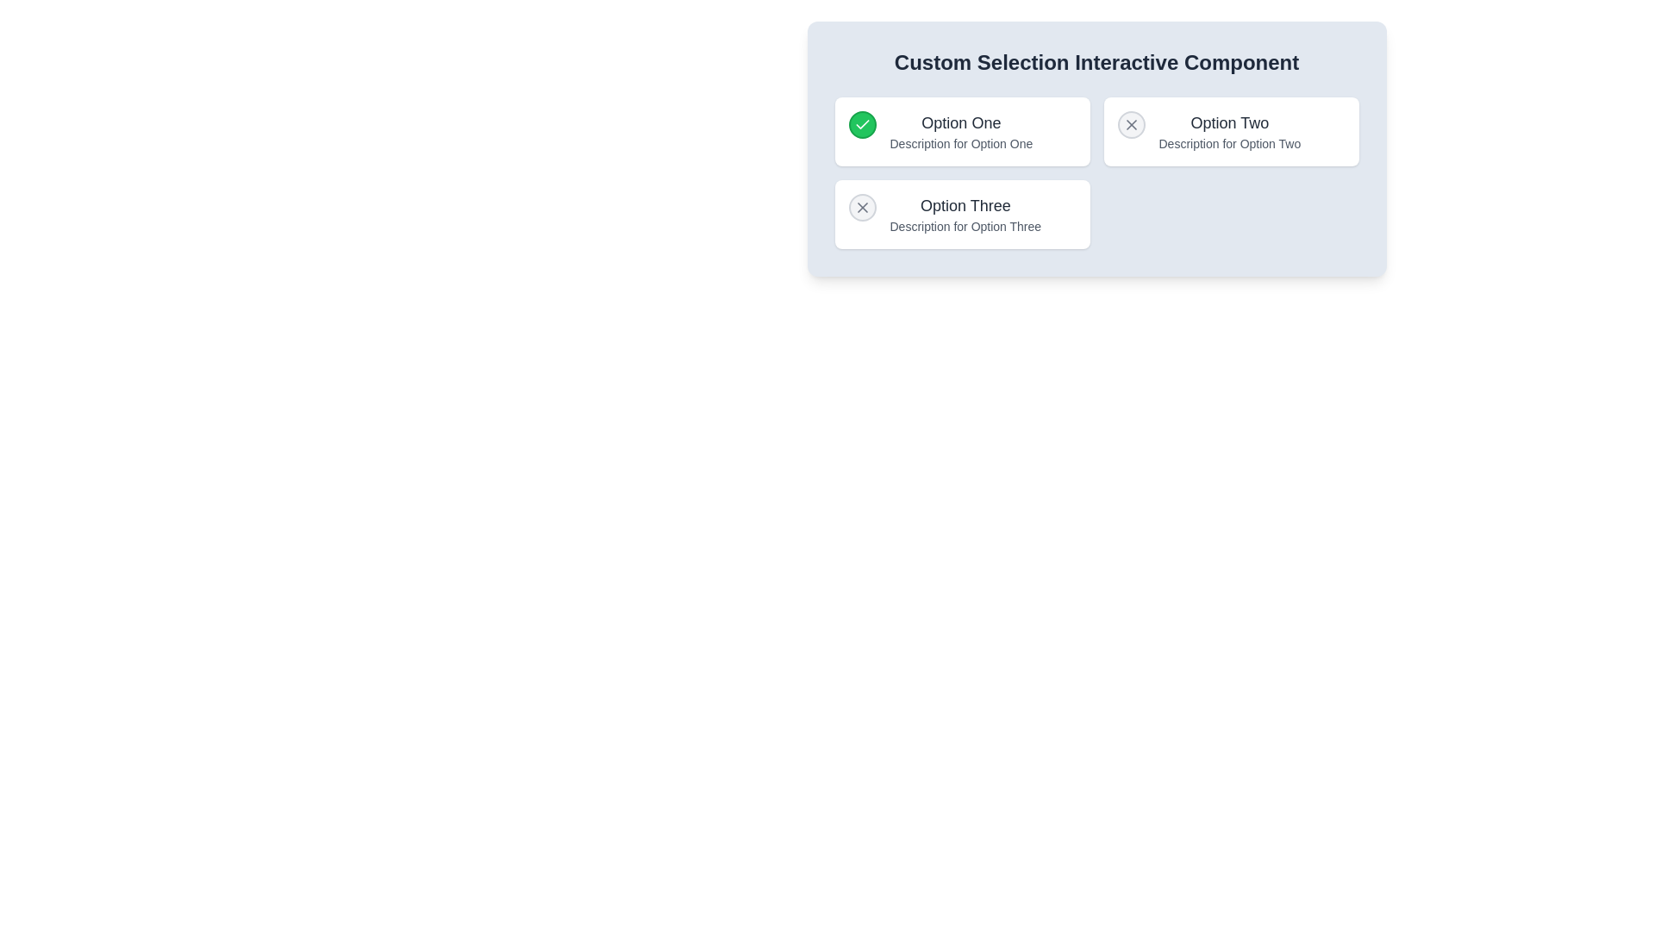 The height and width of the screenshot is (931, 1655). What do you see at coordinates (1228, 122) in the screenshot?
I see `the Text Label that serves as a title or identifier for the second selection option, positioned in the top-right quadrant above the 'Description for Option Two'` at bounding box center [1228, 122].